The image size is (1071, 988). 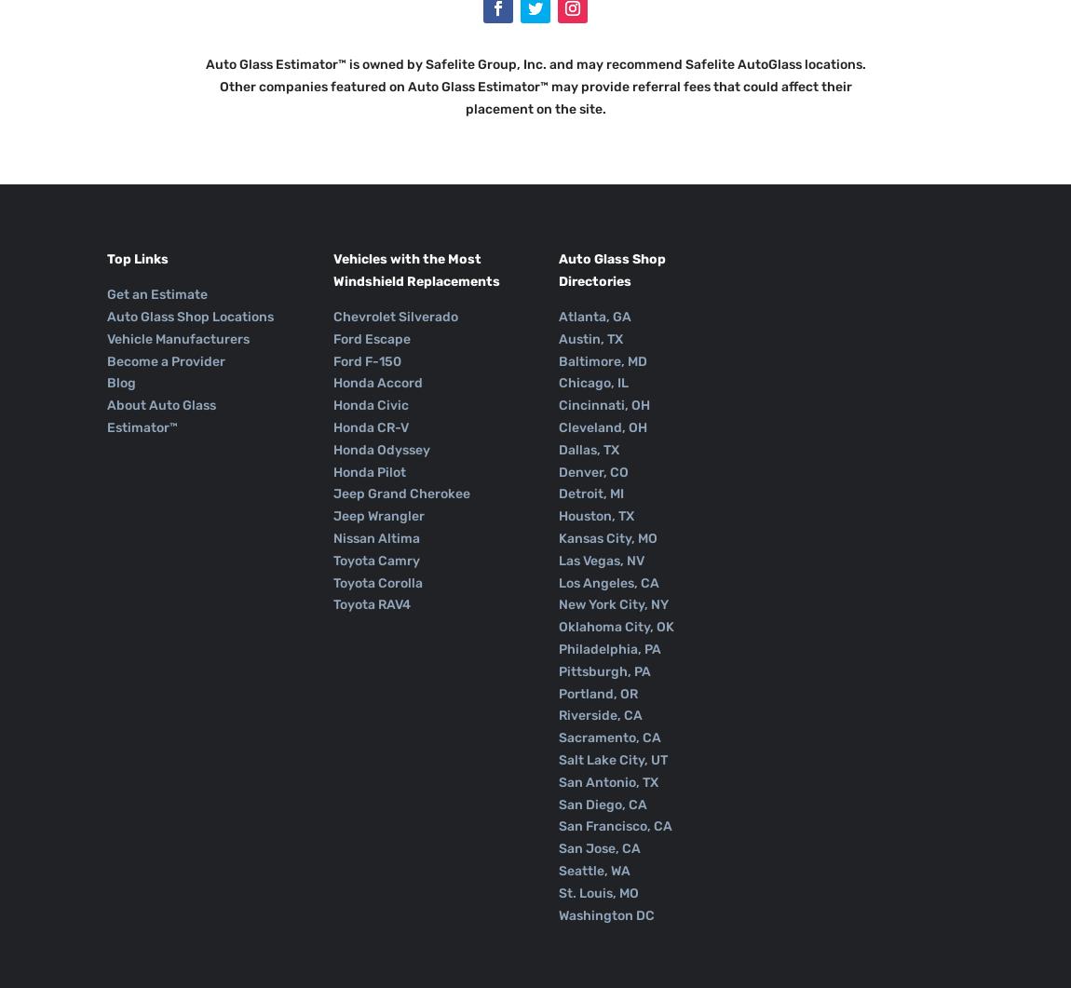 What do you see at coordinates (120, 383) in the screenshot?
I see `'Blog'` at bounding box center [120, 383].